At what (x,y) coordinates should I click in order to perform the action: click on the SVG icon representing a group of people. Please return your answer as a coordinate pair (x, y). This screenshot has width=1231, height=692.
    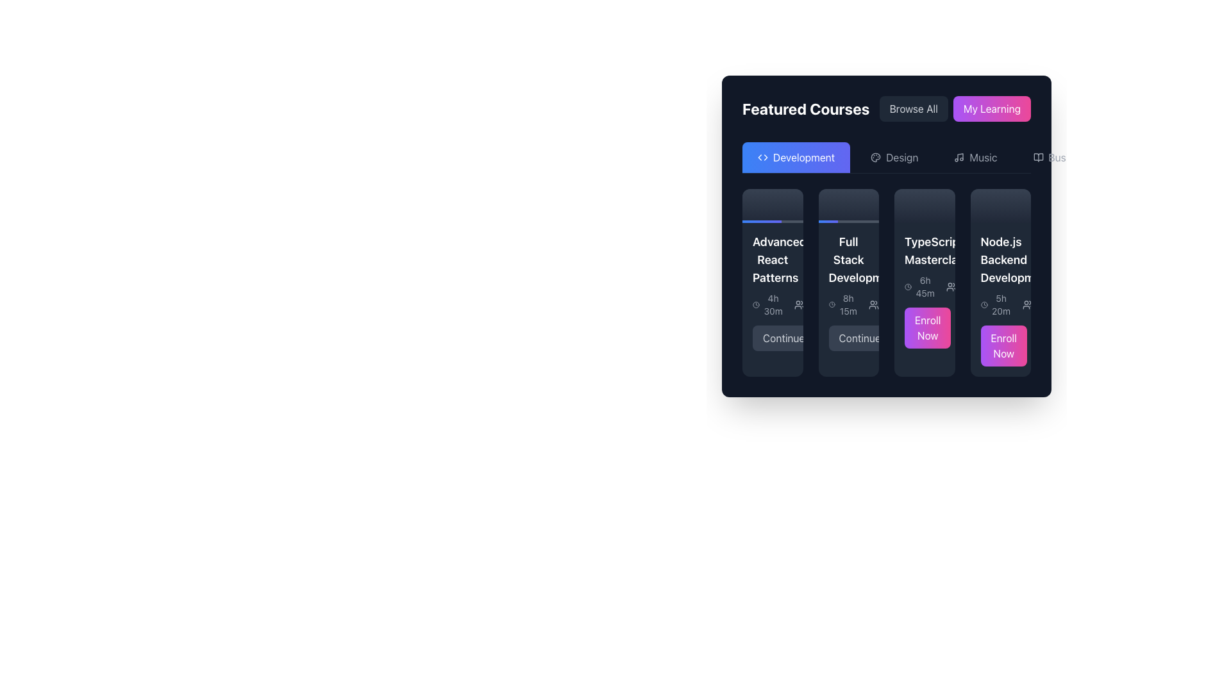
    Looking at the image, I should click on (1027, 305).